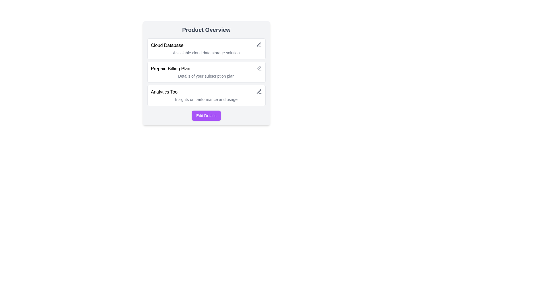  I want to click on the second Informational card component titled 'Prepaid Billing Plan', which features a white background, rounded corners, and a pen icon at the top-right corner, so click(206, 72).